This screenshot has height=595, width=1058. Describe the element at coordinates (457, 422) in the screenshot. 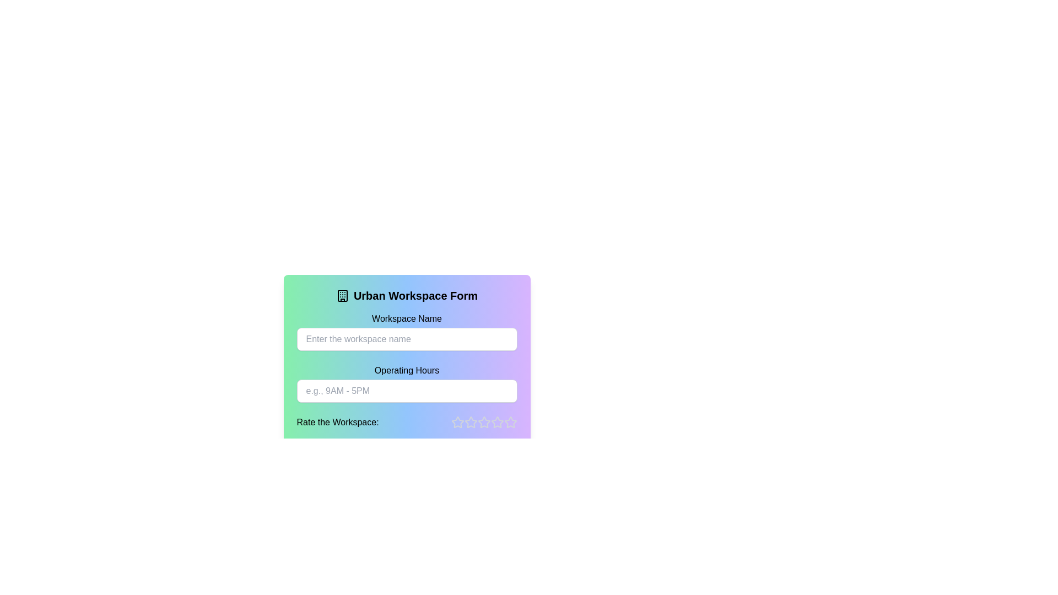

I see `the first star-shaped rating indicator icon` at that location.